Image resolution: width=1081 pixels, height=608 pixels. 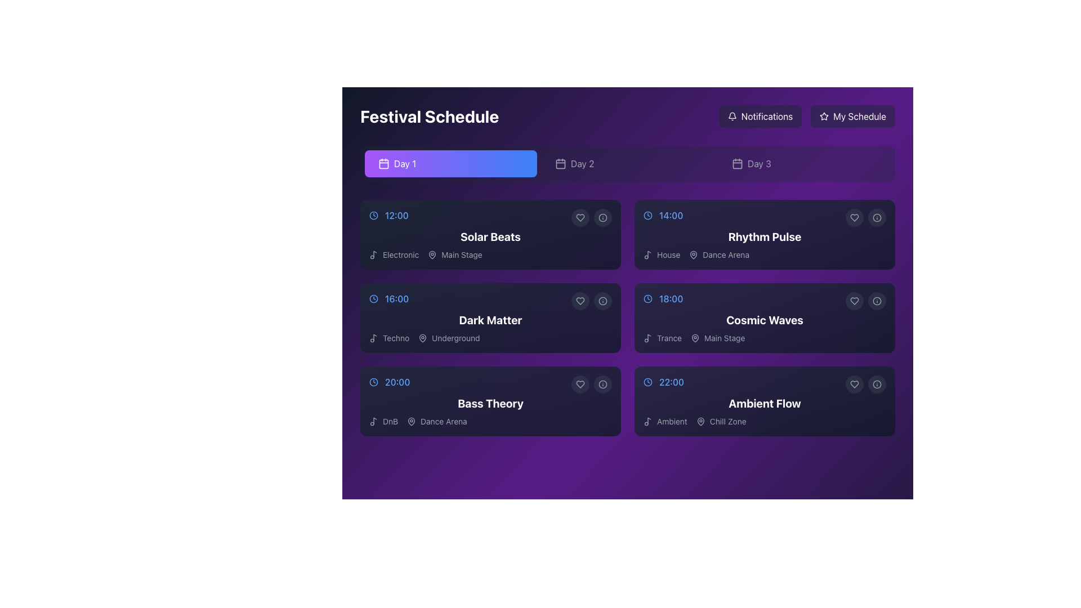 I want to click on the small music note icon located to the left of the text label 'House' in the 'Rhythm Pulse' event block in the top-right section of the events grid, so click(x=648, y=254).